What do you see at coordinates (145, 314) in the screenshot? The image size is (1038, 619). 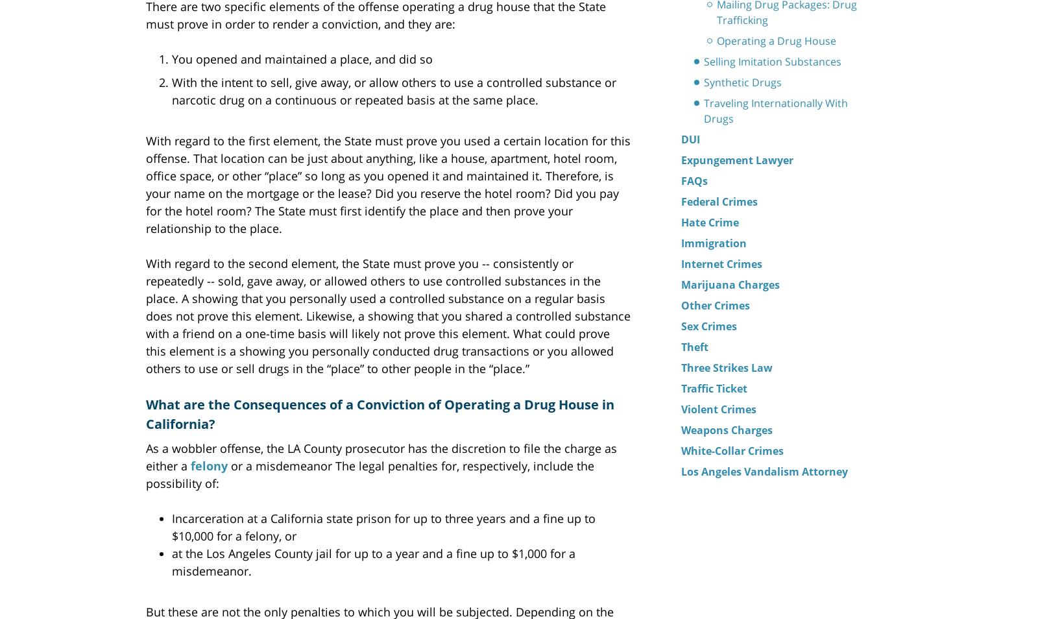 I see `'With regard to the second element, the State must prove you -- consistently or repeatedly -- sold, gave away, or allowed others to use controlled substances in the place. A showing that you personally used a controlled substance on a regular basis does not prove this element. Likewise, a showing that you shared a controlled substance with a friend on a one-time basis will likely not prove this element. What could prove this element is a showing you personally conducted drug transactions or you allowed others to use or sell drugs in the “place” to other people in the “place.”'` at bounding box center [145, 314].